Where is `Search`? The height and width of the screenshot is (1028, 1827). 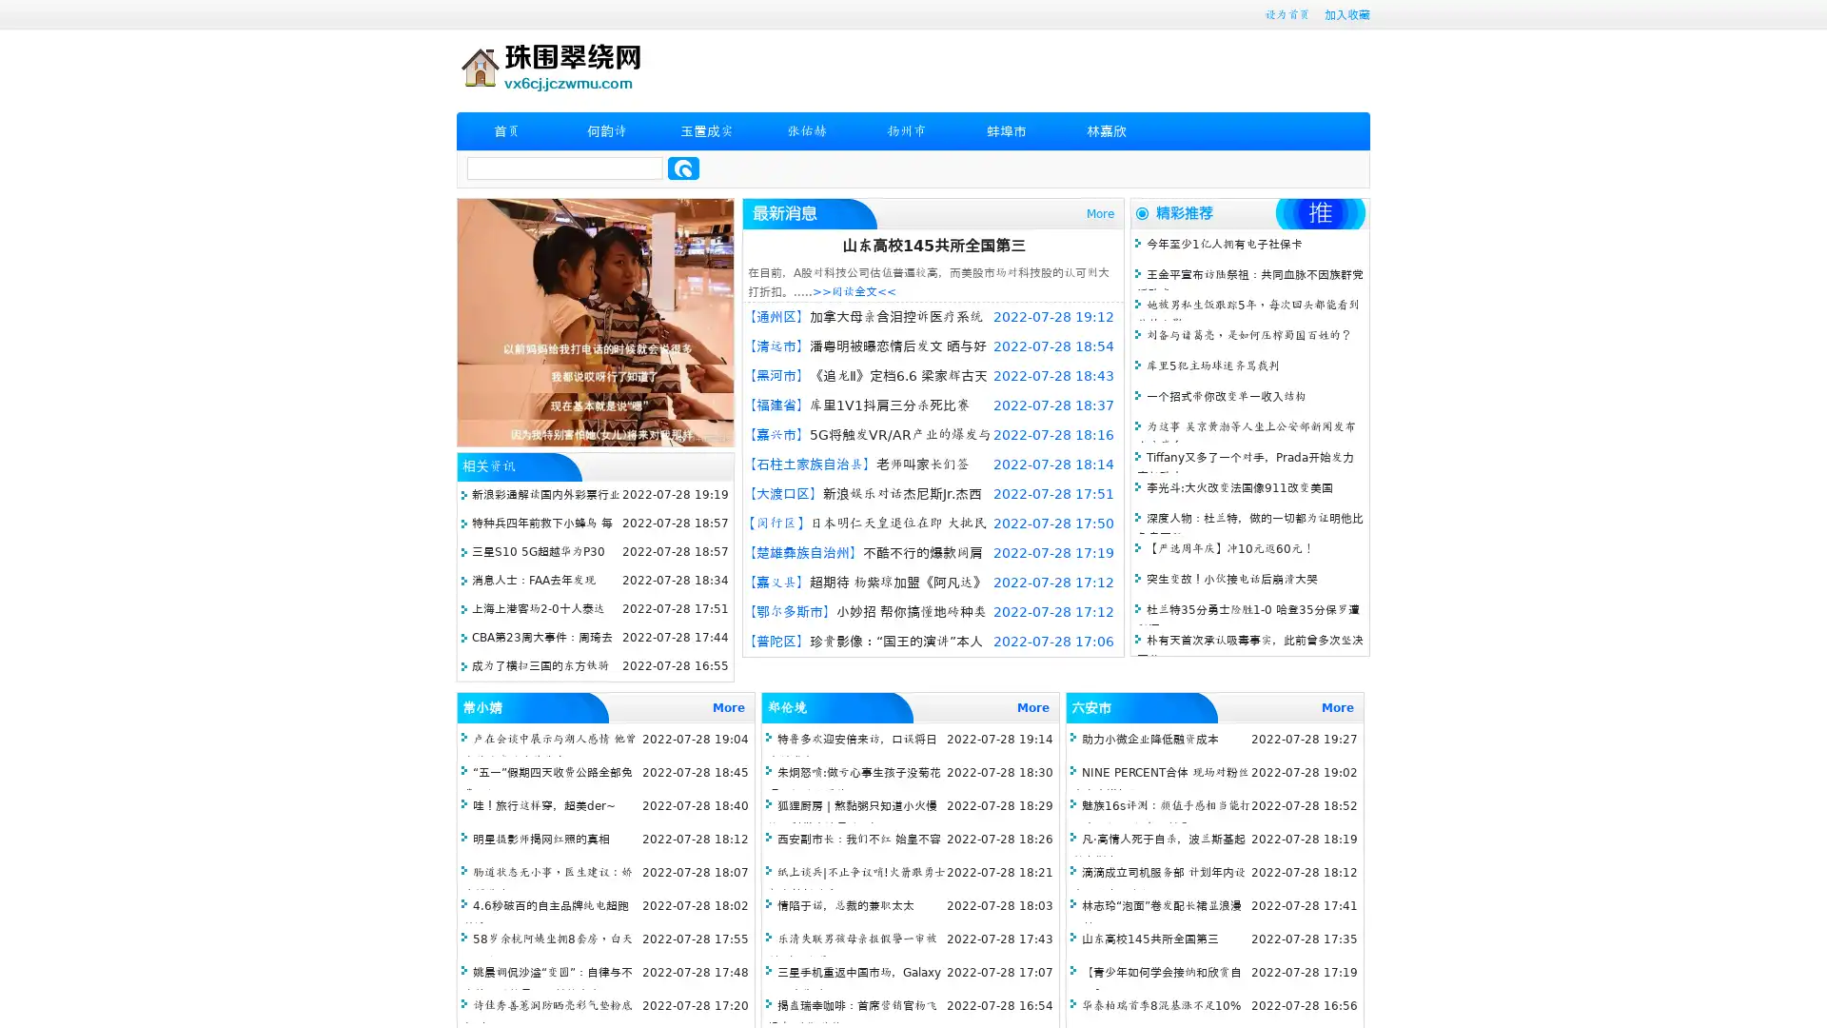 Search is located at coordinates (683, 168).